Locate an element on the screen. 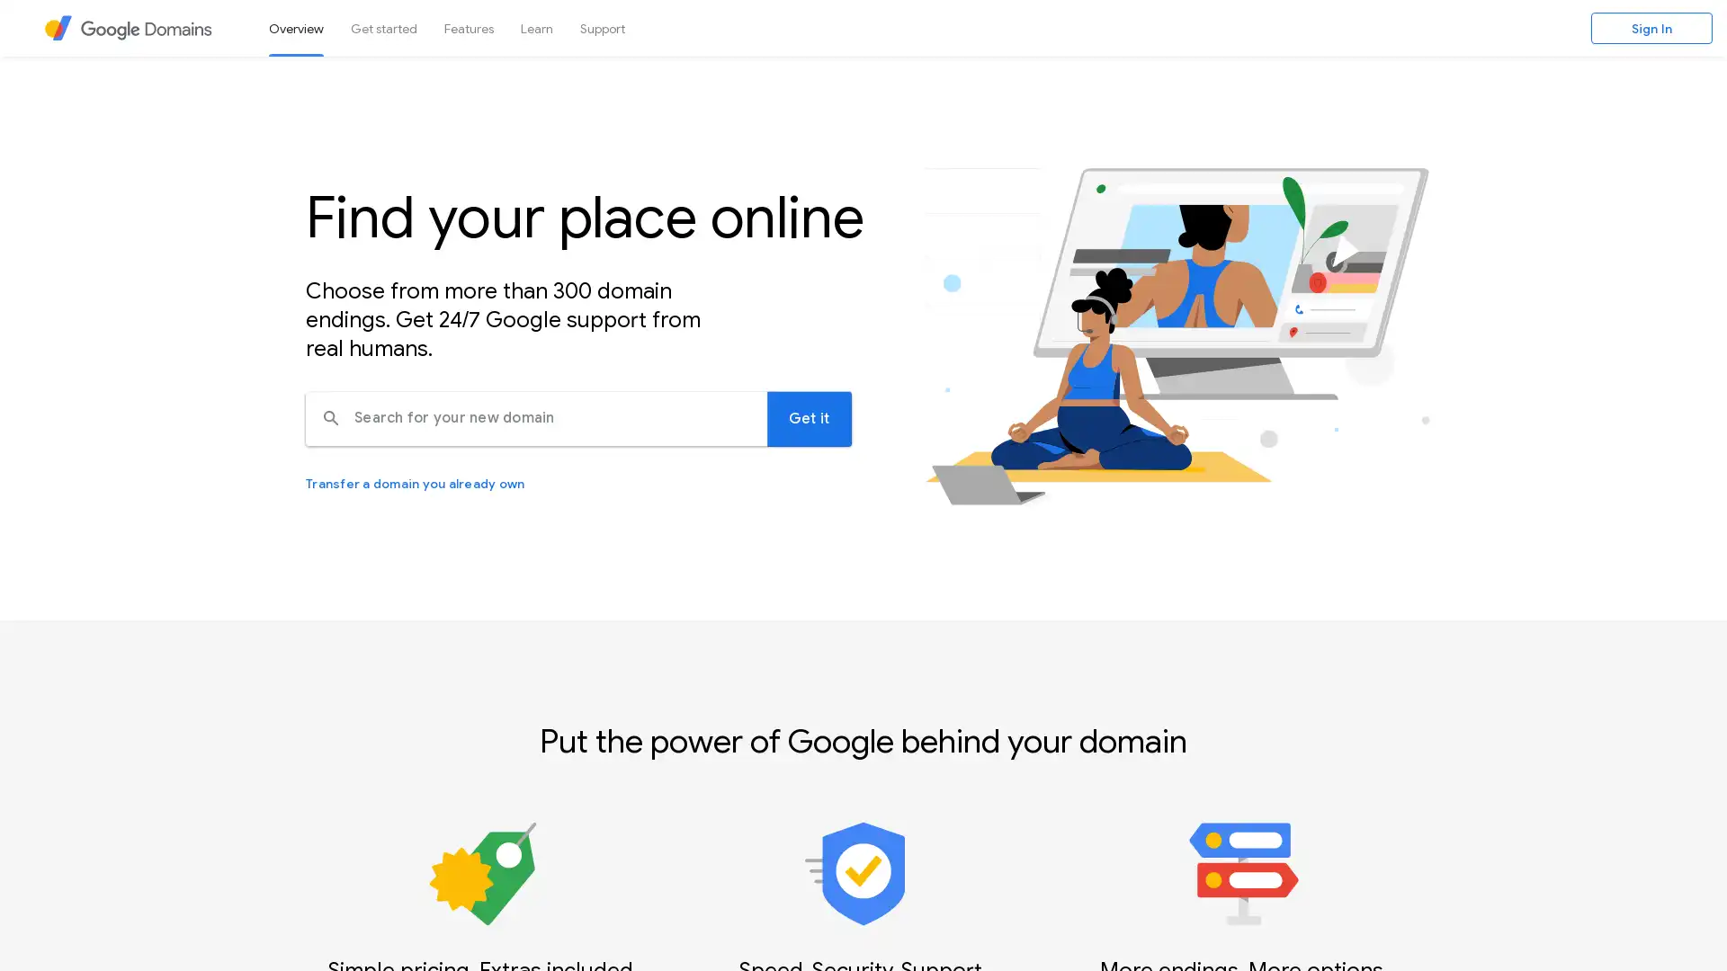 The image size is (1727, 971). Sign In is located at coordinates (1651, 28).